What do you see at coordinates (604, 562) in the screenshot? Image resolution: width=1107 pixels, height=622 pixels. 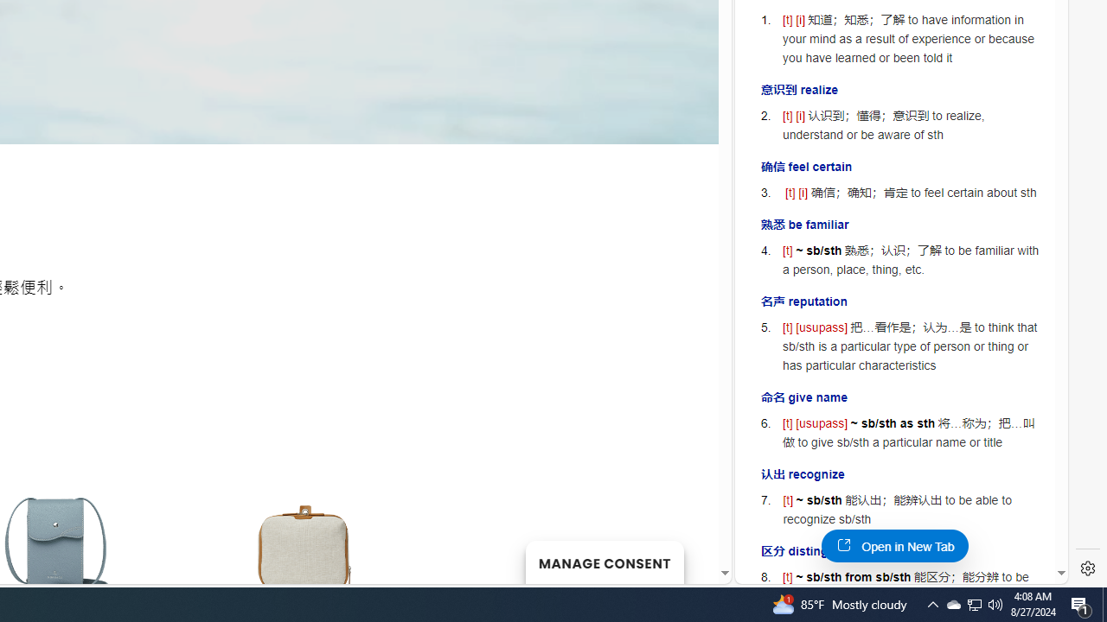 I see `'MANAGE CONSENT'` at bounding box center [604, 562].